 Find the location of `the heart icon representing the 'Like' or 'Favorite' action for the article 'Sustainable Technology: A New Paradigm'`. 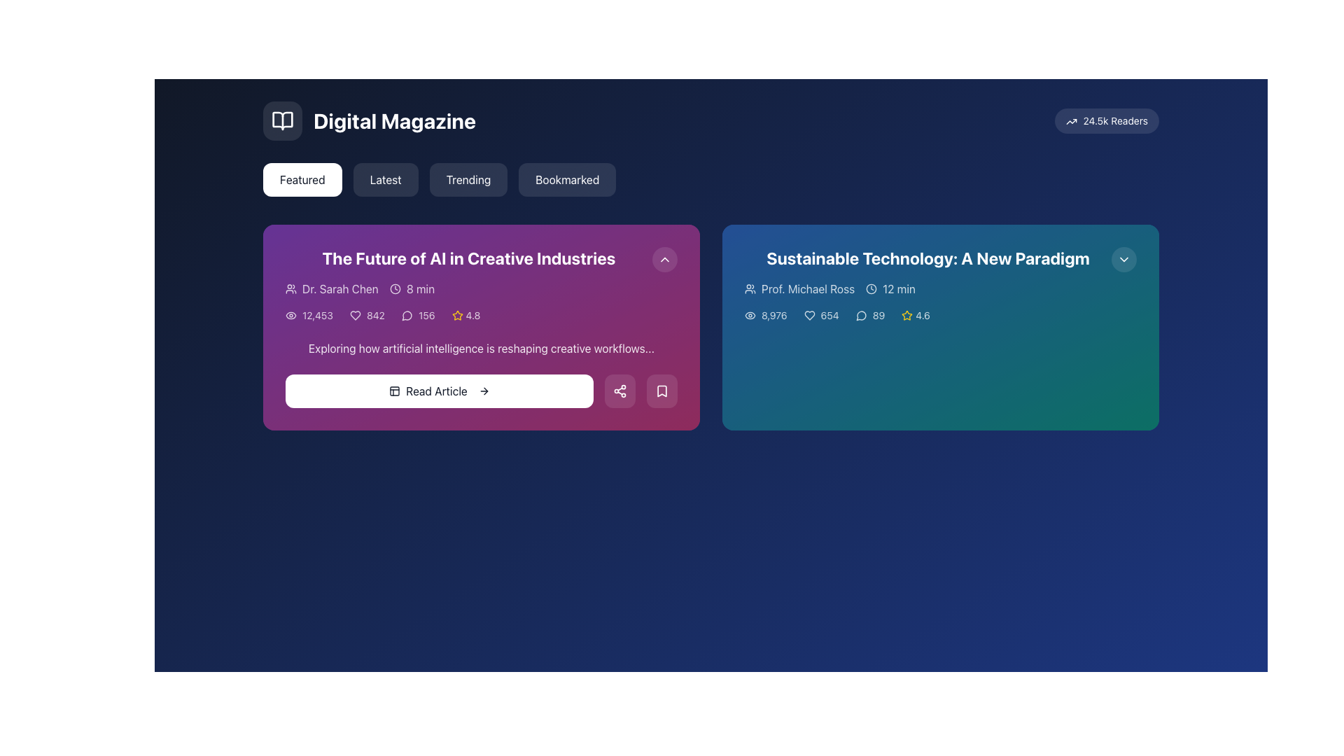

the heart icon representing the 'Like' or 'Favorite' action for the article 'Sustainable Technology: A New Paradigm' is located at coordinates (809, 316).